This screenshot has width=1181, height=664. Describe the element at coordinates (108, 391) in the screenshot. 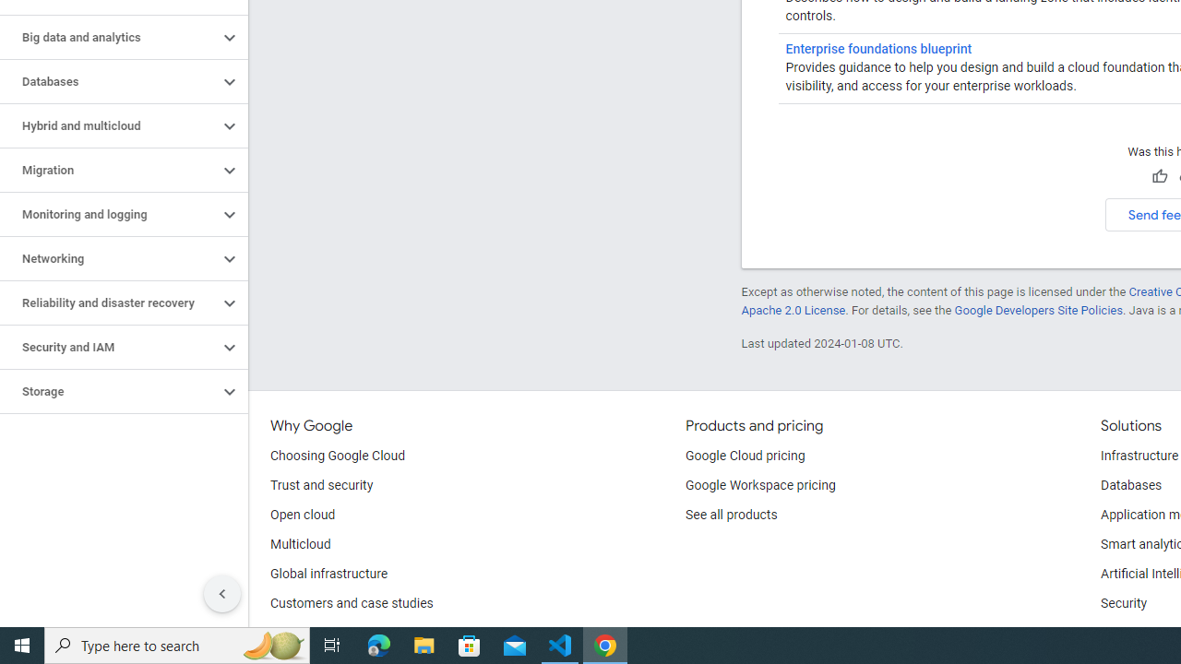

I see `'Storage'` at that location.